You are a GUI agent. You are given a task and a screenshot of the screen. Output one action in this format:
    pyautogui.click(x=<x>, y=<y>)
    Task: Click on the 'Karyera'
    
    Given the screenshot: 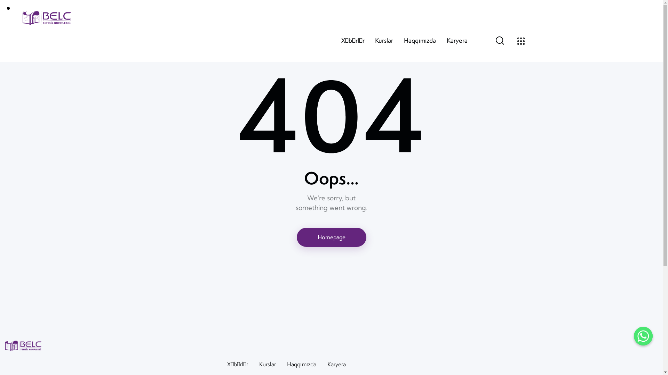 What is the action you would take?
    pyautogui.click(x=457, y=40)
    